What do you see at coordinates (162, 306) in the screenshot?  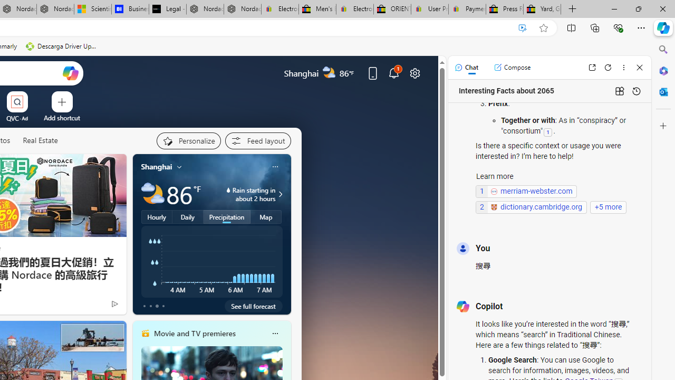 I see `'tab-3'` at bounding box center [162, 306].